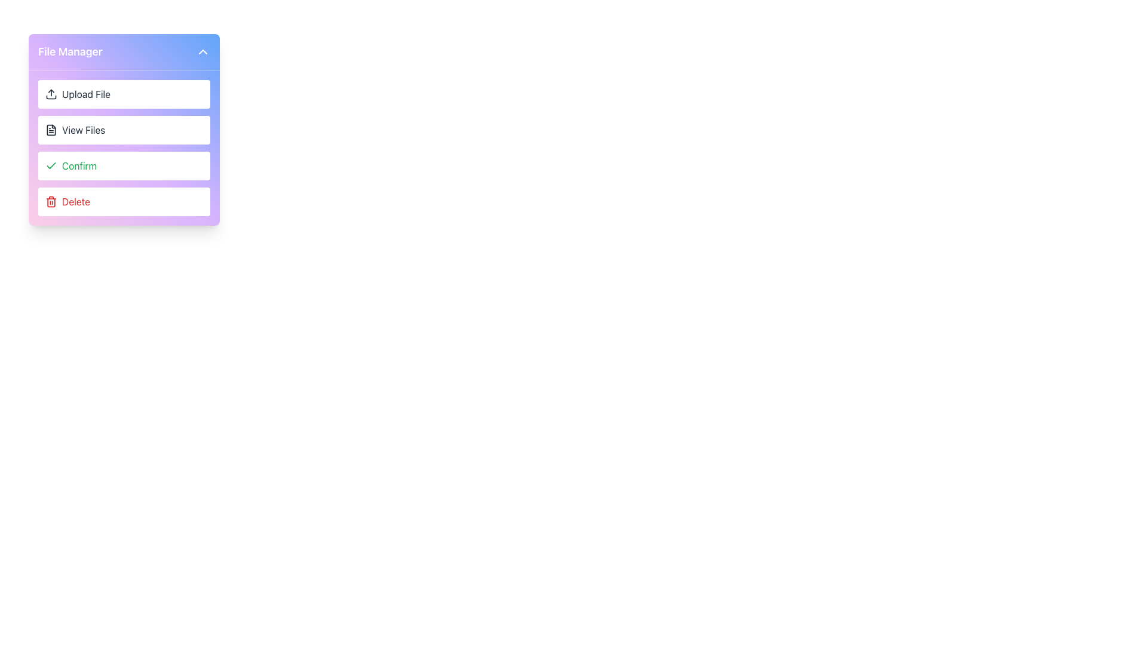  Describe the element at coordinates (124, 165) in the screenshot. I see `the 'Confirm' button, which is the third button in a vertical group of four buttons in the 'File Manager' panel` at that location.